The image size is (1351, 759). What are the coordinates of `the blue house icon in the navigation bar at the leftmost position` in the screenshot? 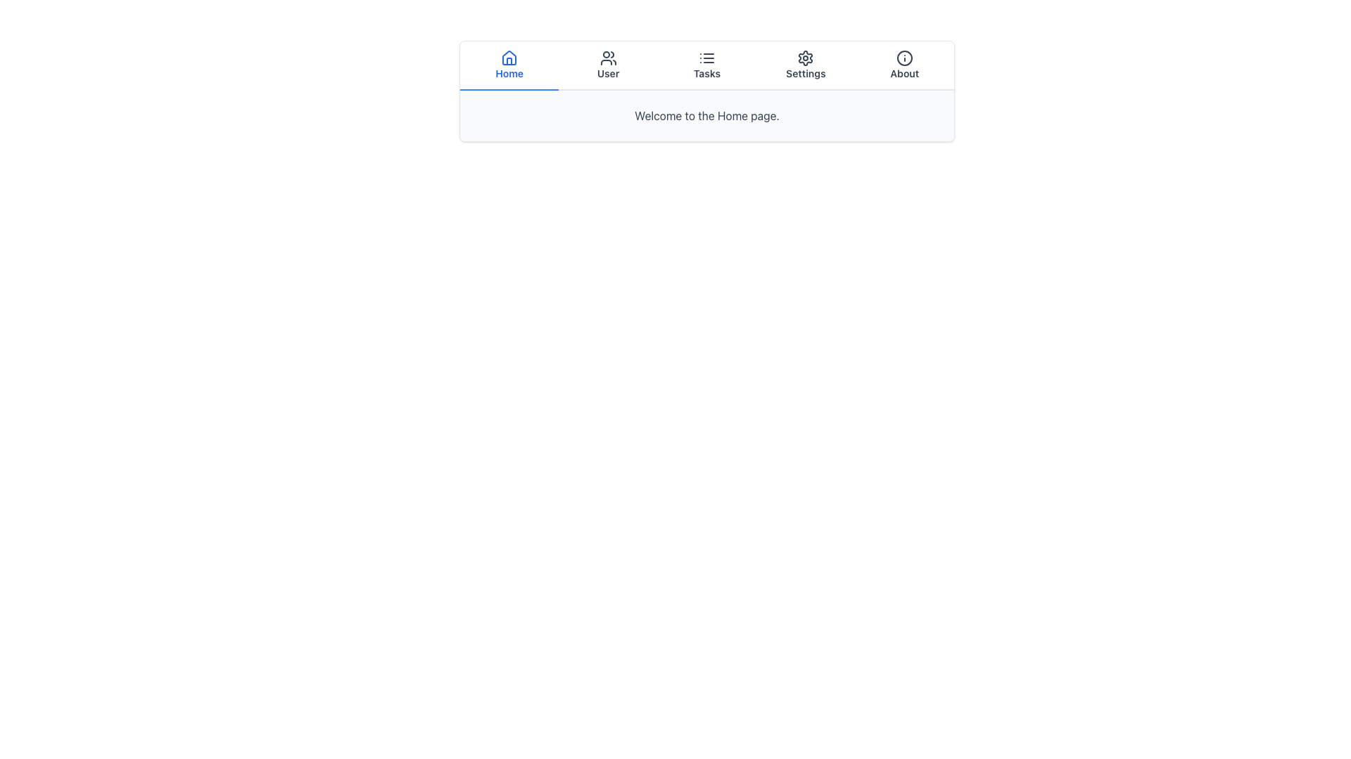 It's located at (509, 57).